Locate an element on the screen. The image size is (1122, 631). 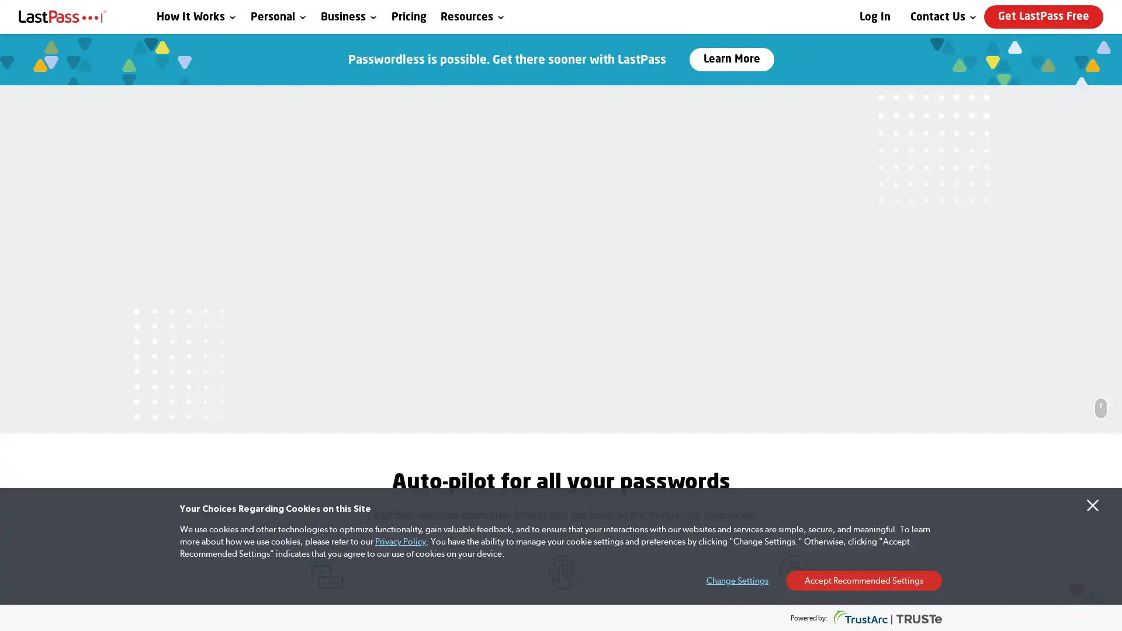
close is located at coordinates (906, 405).